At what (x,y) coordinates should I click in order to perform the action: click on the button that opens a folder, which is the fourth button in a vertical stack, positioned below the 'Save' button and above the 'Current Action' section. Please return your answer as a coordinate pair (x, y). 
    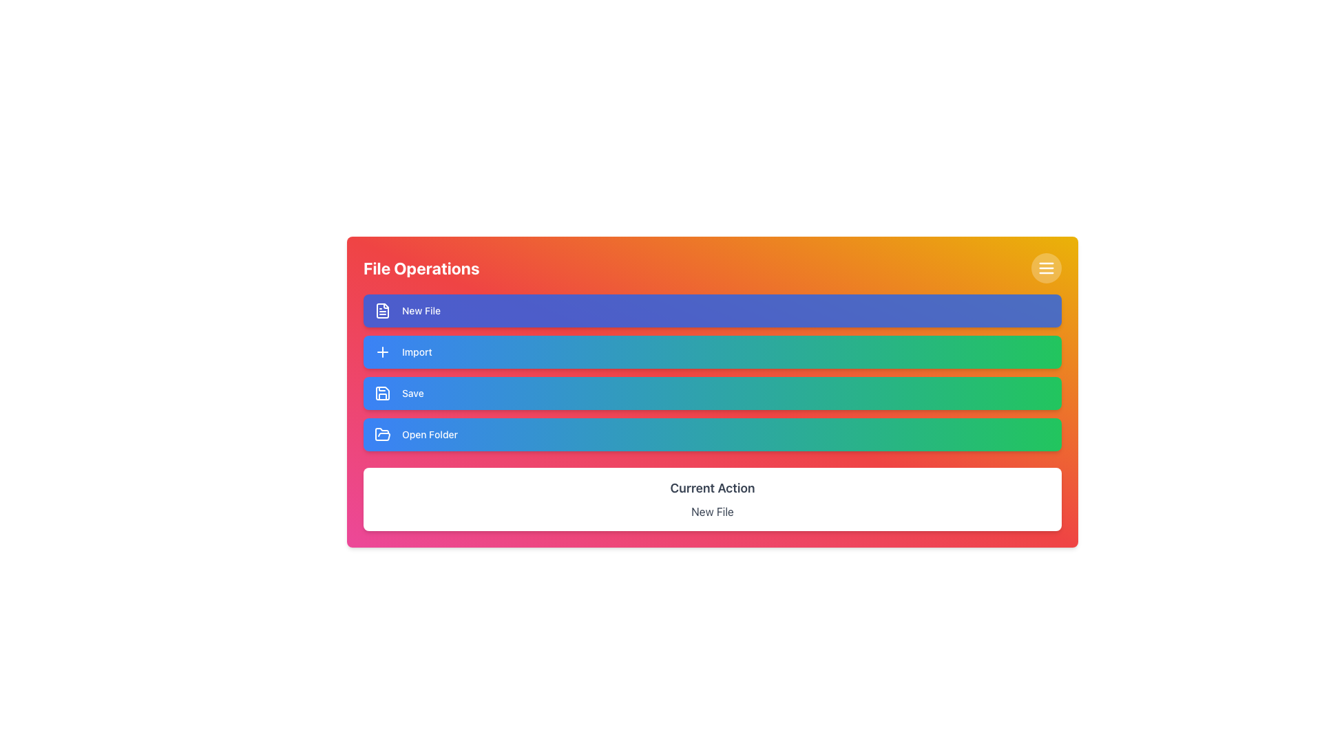
    Looking at the image, I should click on (713, 435).